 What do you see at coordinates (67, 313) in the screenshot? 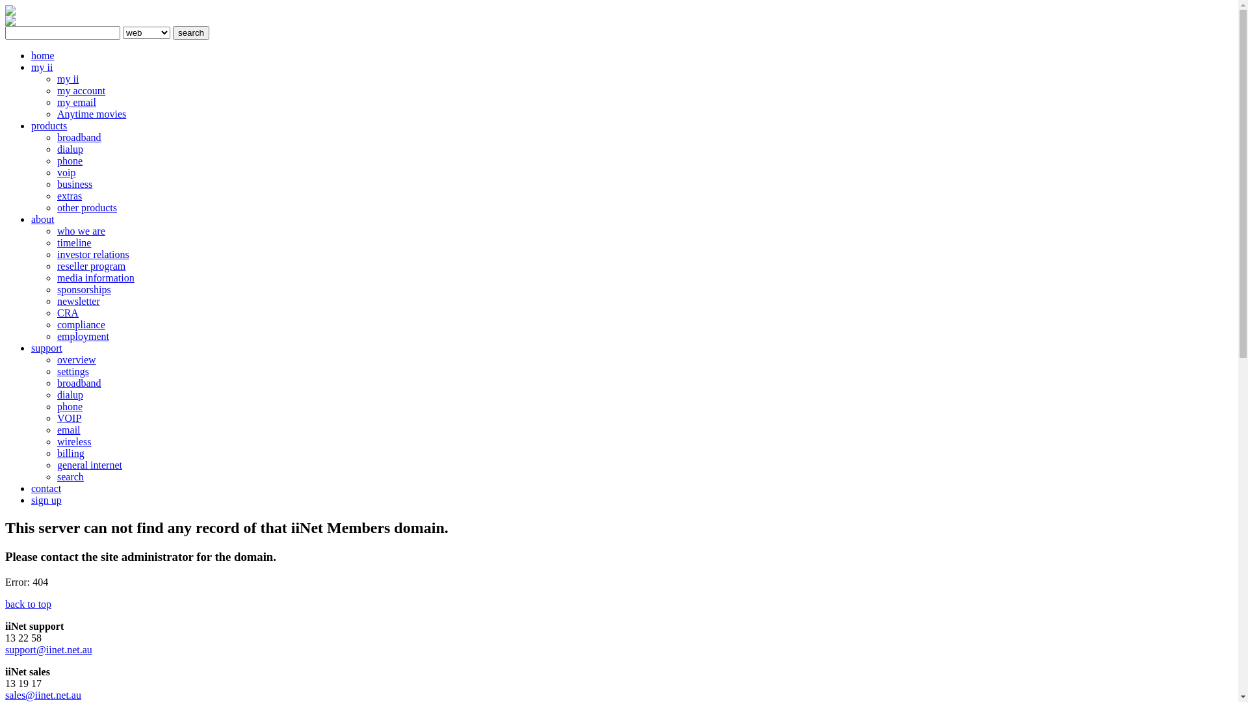
I see `'CRA'` at bounding box center [67, 313].